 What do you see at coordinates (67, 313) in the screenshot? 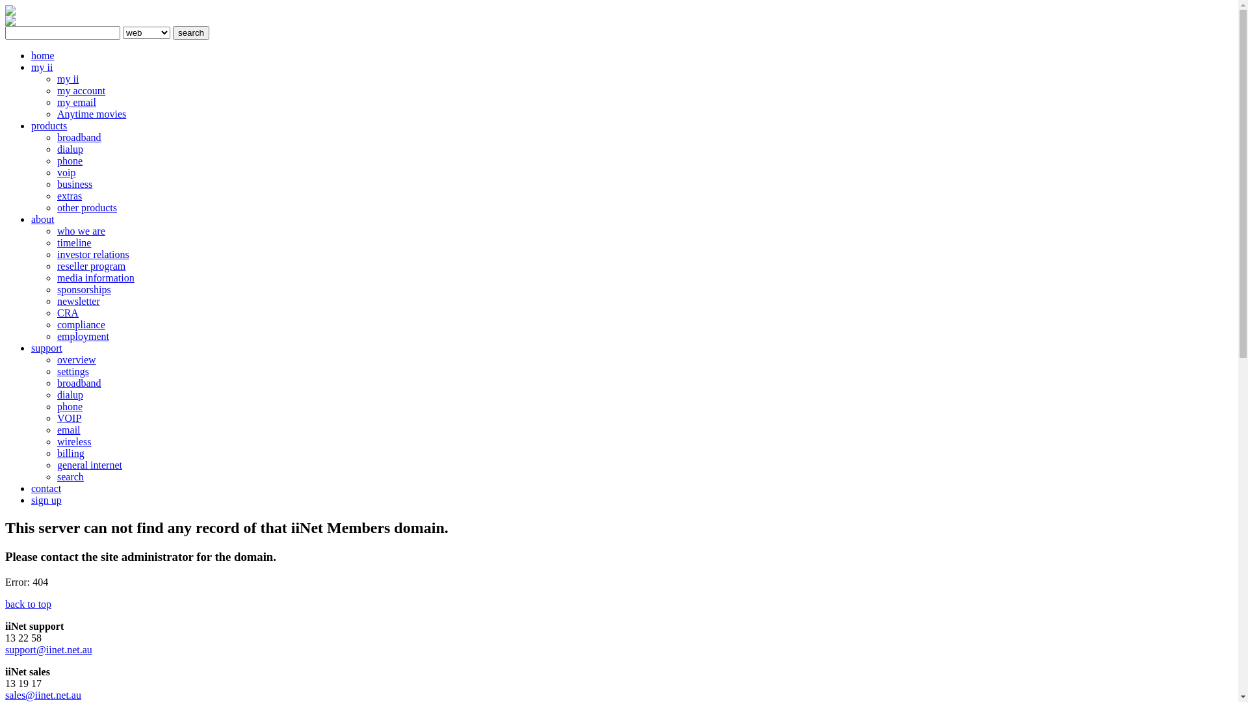
I see `'CRA'` at bounding box center [67, 313].